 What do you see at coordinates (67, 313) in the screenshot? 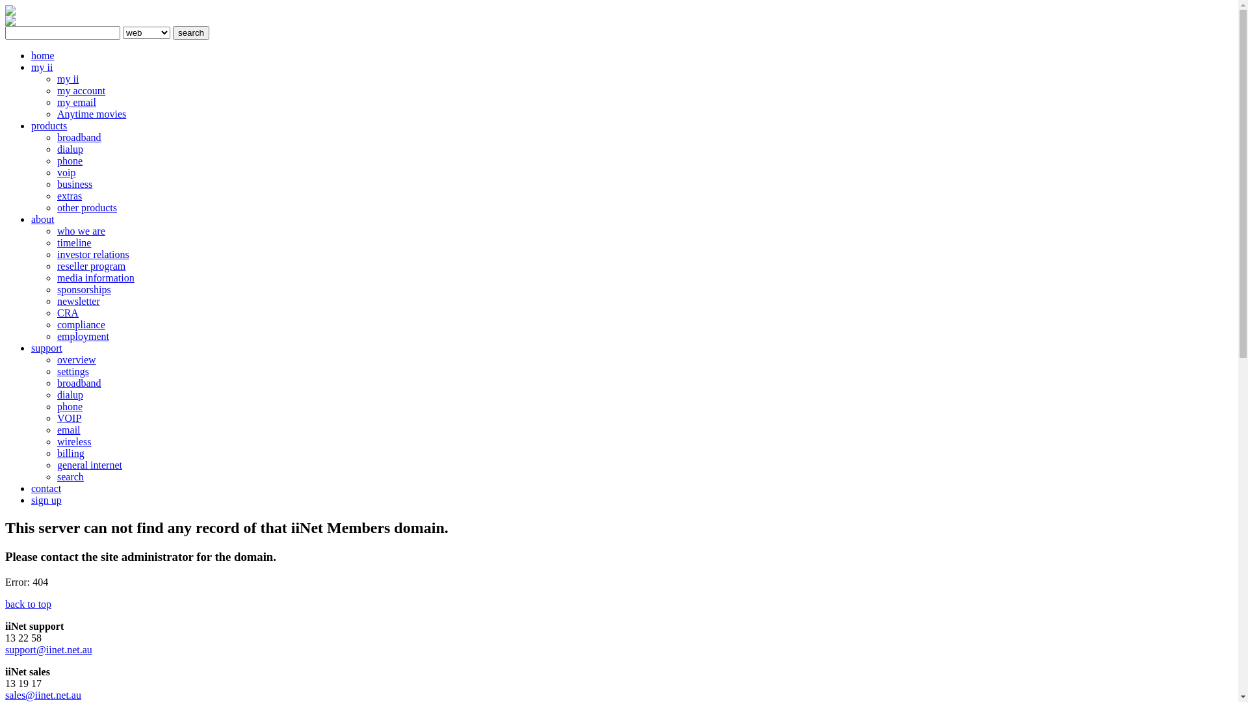
I see `'CRA'` at bounding box center [67, 313].